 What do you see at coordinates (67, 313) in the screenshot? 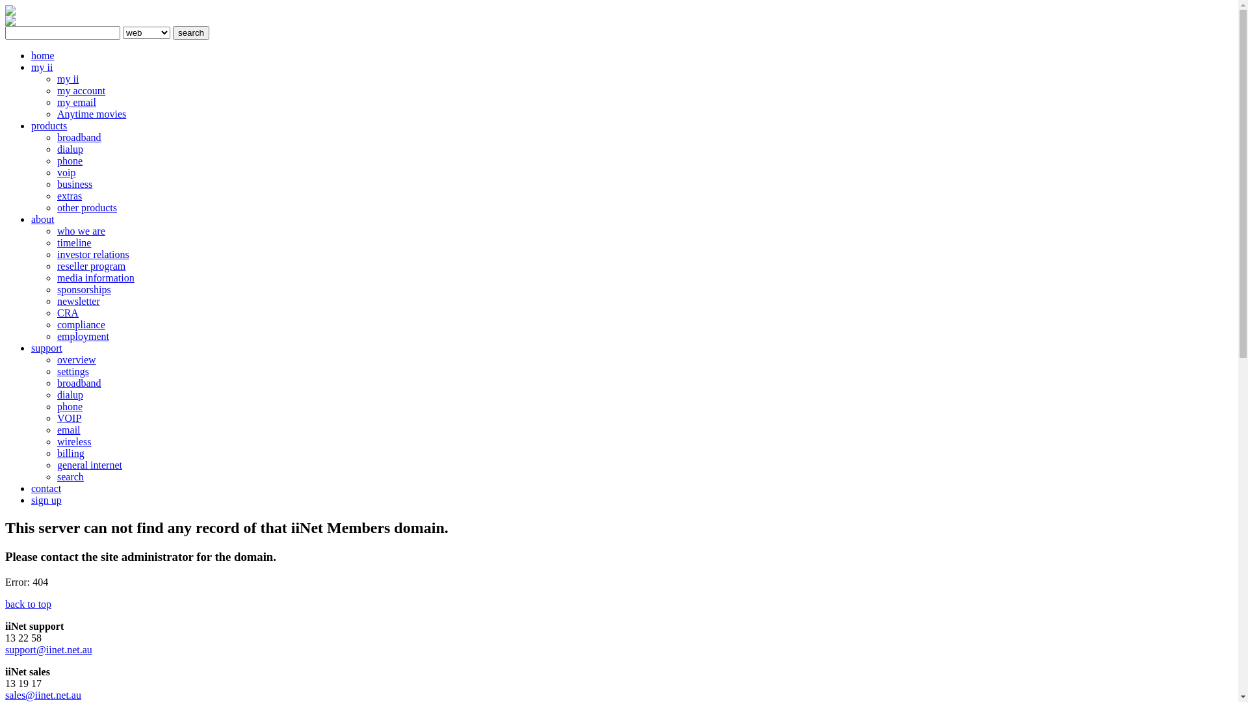
I see `'CRA'` at bounding box center [67, 313].